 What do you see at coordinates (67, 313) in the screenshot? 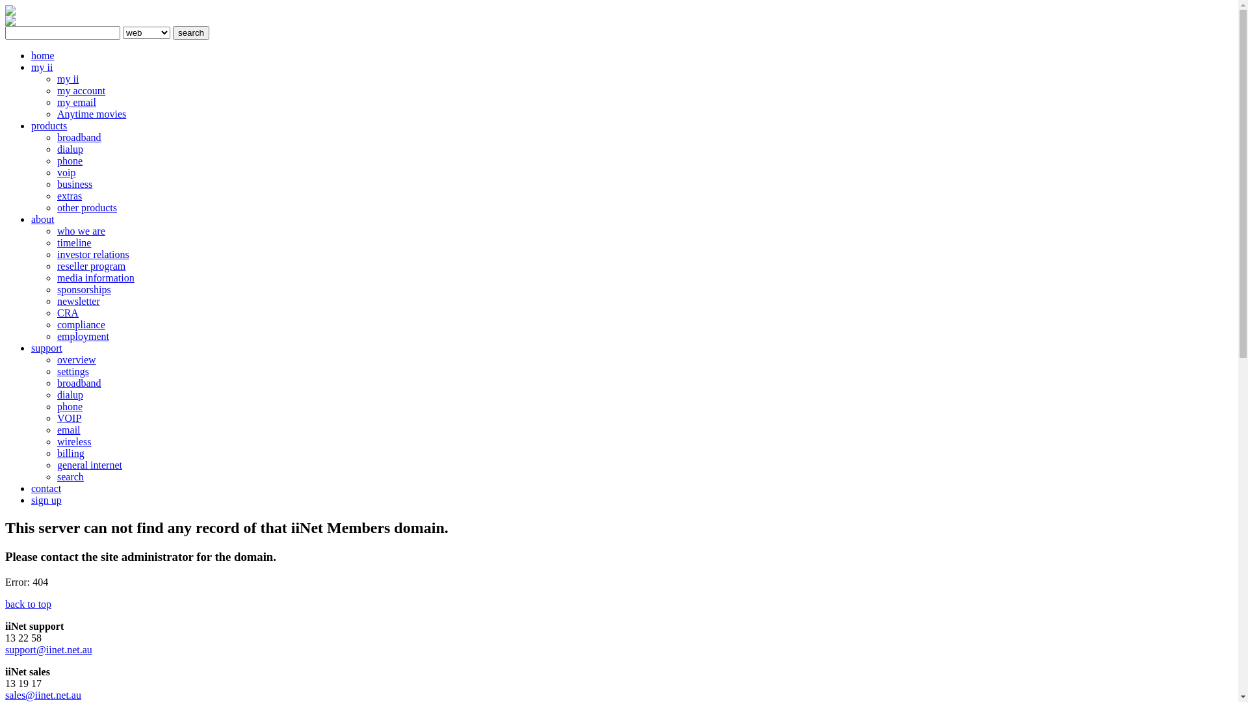
I see `'CRA'` at bounding box center [67, 313].